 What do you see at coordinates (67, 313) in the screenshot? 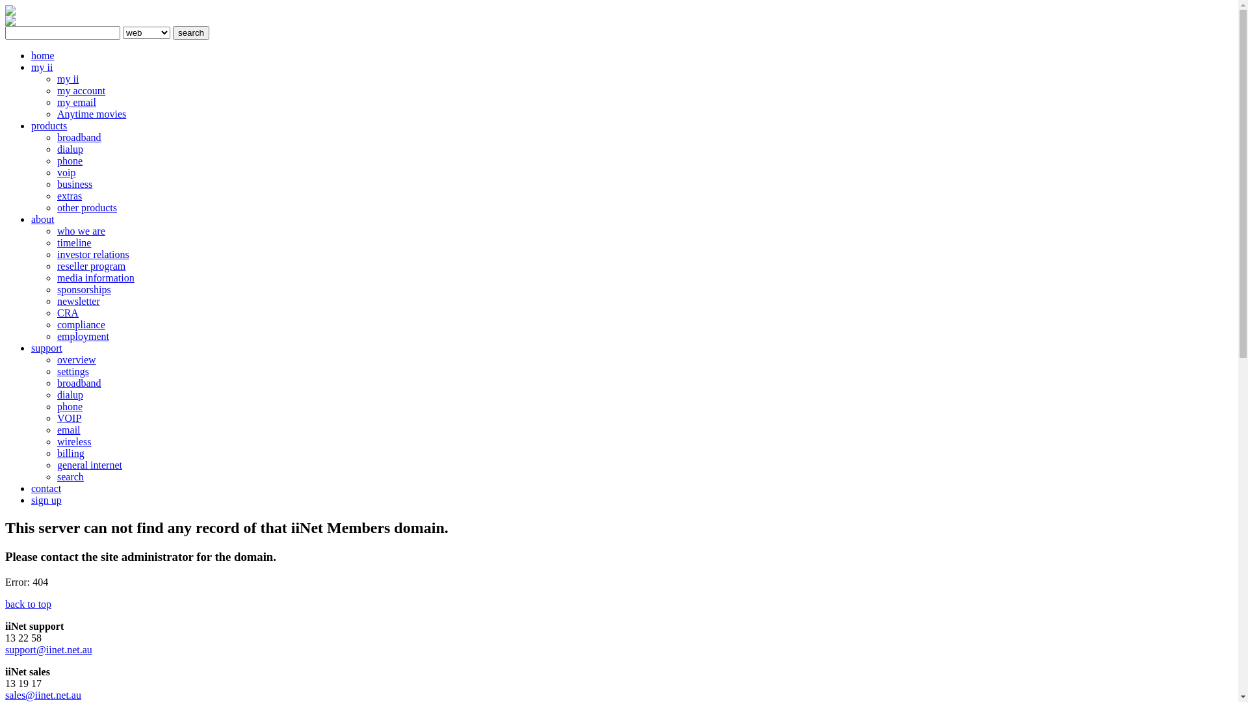
I see `'CRA'` at bounding box center [67, 313].